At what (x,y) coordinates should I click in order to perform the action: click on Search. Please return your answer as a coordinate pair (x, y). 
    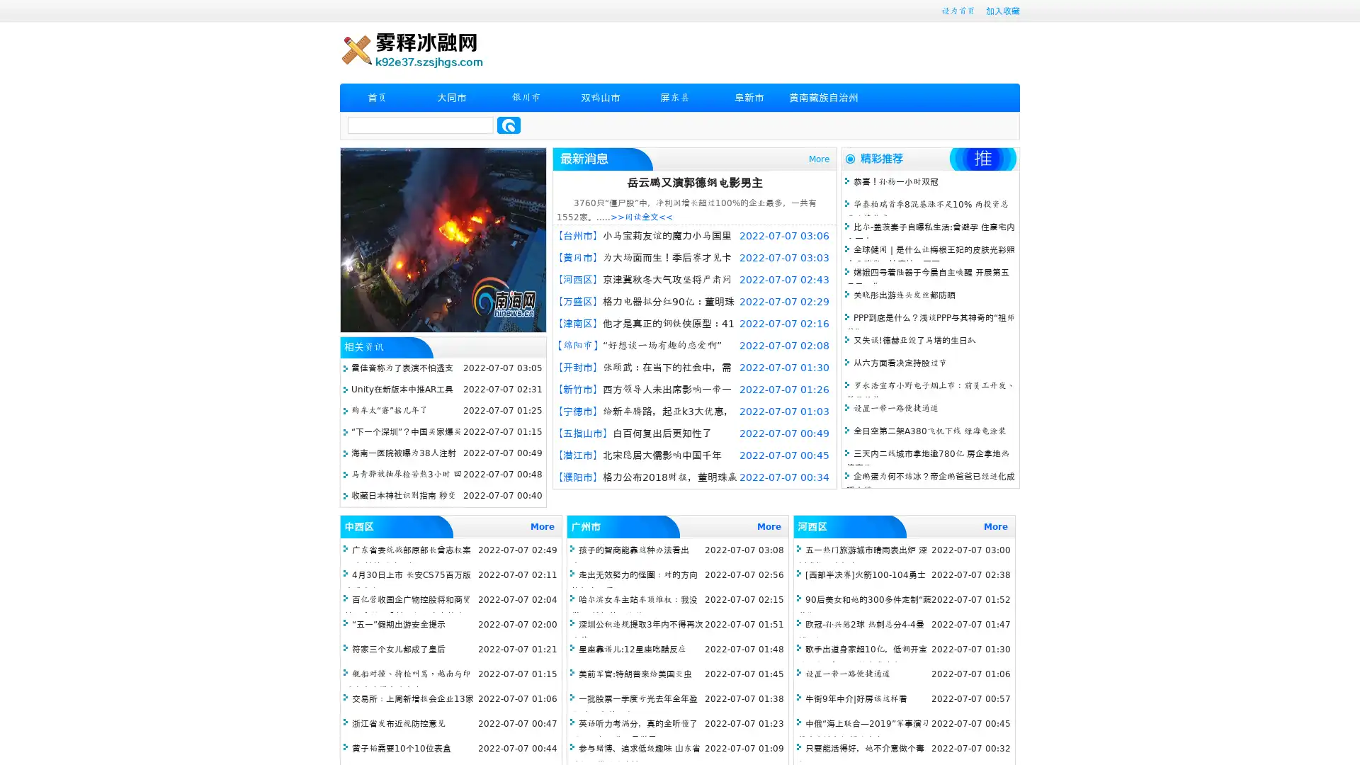
    Looking at the image, I should click on (509, 125).